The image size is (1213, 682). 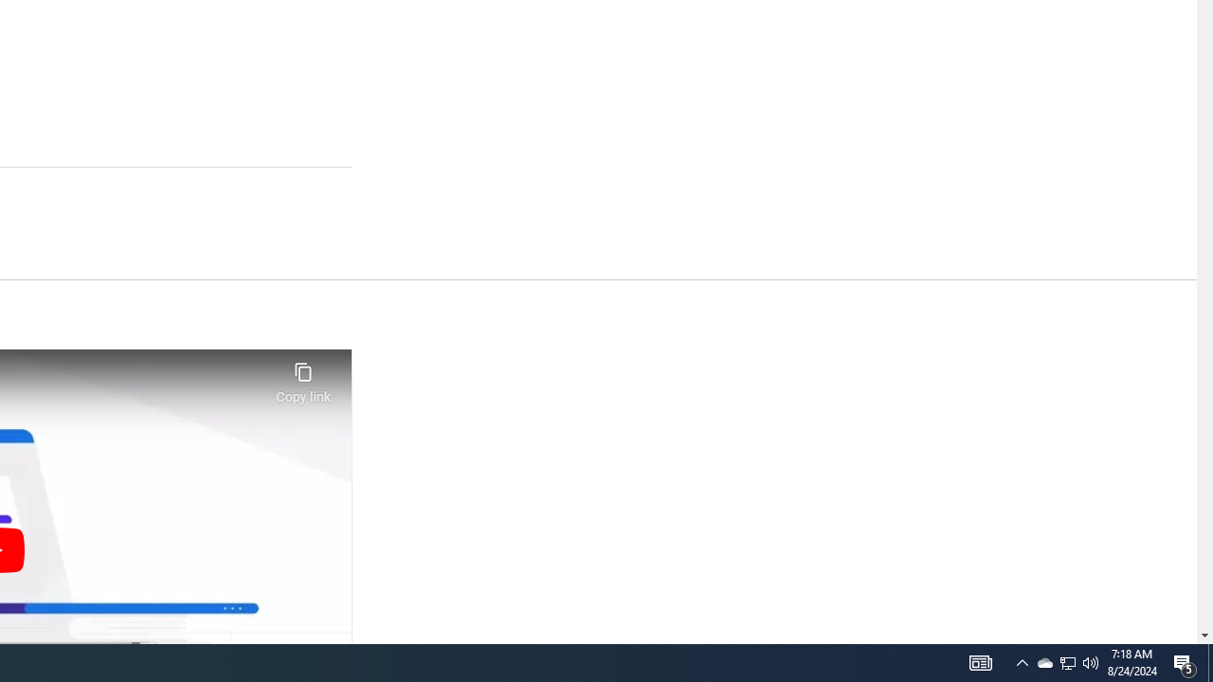 What do you see at coordinates (303, 377) in the screenshot?
I see `'Copy link'` at bounding box center [303, 377].